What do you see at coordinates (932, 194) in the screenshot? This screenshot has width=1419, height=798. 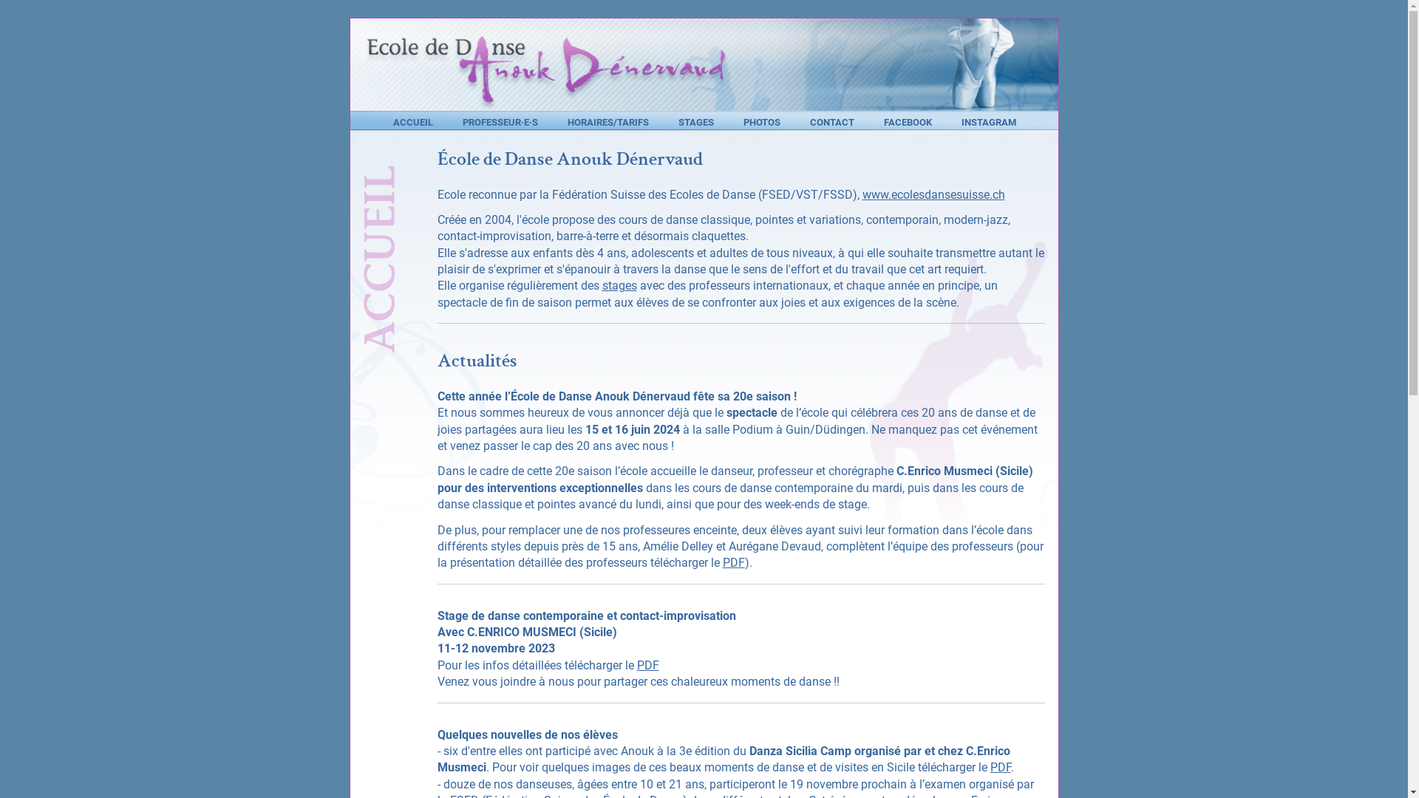 I see `'www.ecolesdansesuisse.ch'` at bounding box center [932, 194].